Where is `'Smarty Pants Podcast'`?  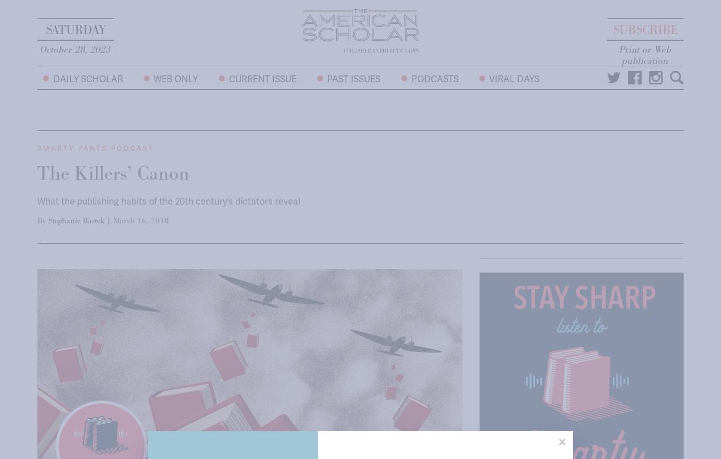
'Smarty Pants Podcast' is located at coordinates (96, 148).